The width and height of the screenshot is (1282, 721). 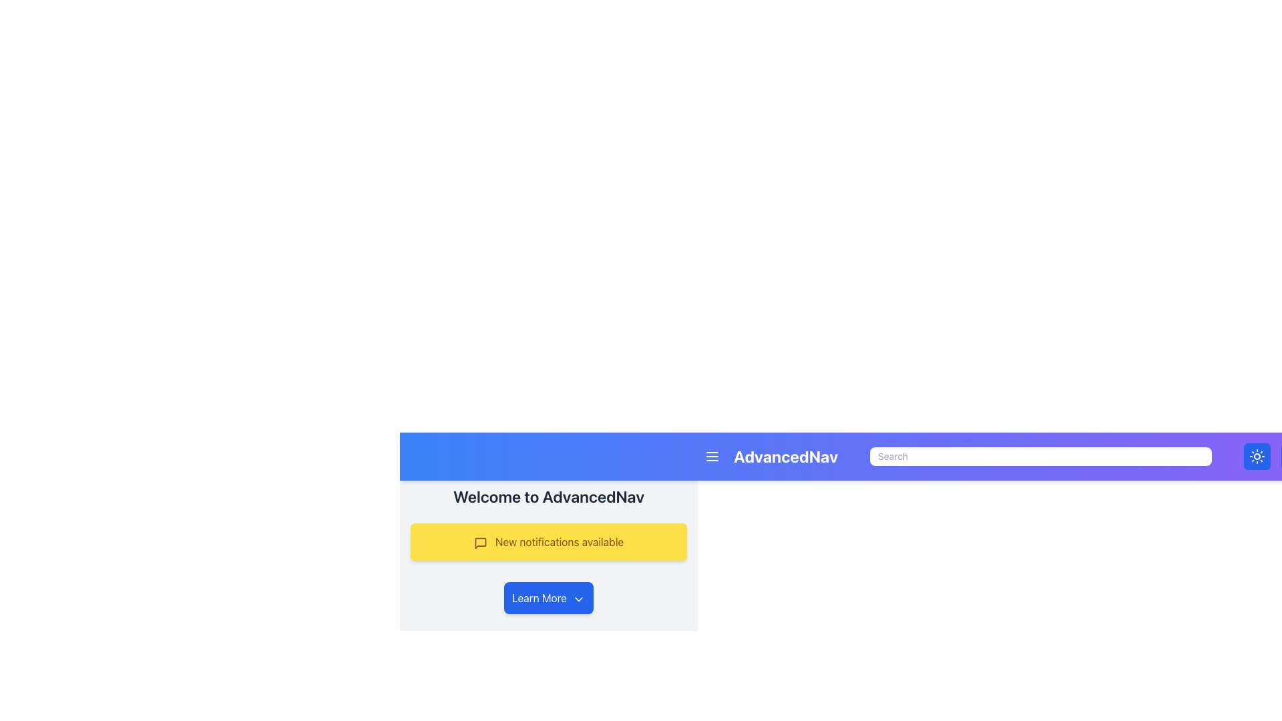 I want to click on the menu toggle button located on the left side of the header bar, so click(x=711, y=455).